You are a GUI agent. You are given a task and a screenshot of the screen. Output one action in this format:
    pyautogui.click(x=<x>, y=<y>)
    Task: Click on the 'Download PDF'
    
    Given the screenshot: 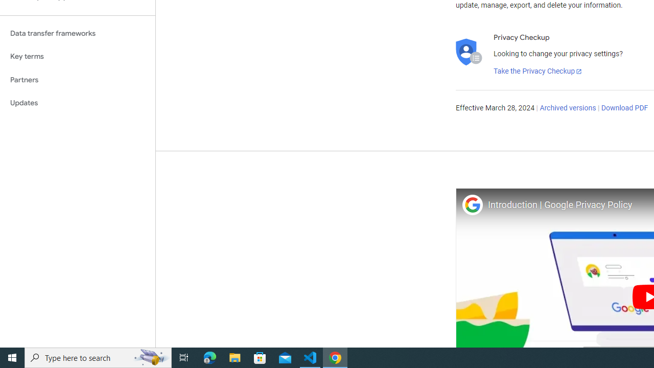 What is the action you would take?
    pyautogui.click(x=624, y=108)
    